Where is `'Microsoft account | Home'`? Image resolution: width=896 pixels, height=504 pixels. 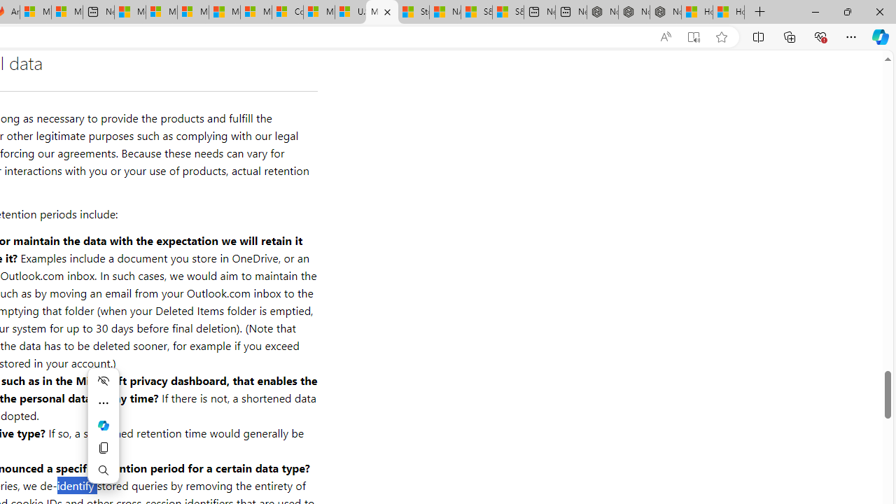
'Microsoft account | Home' is located at coordinates (192, 12).